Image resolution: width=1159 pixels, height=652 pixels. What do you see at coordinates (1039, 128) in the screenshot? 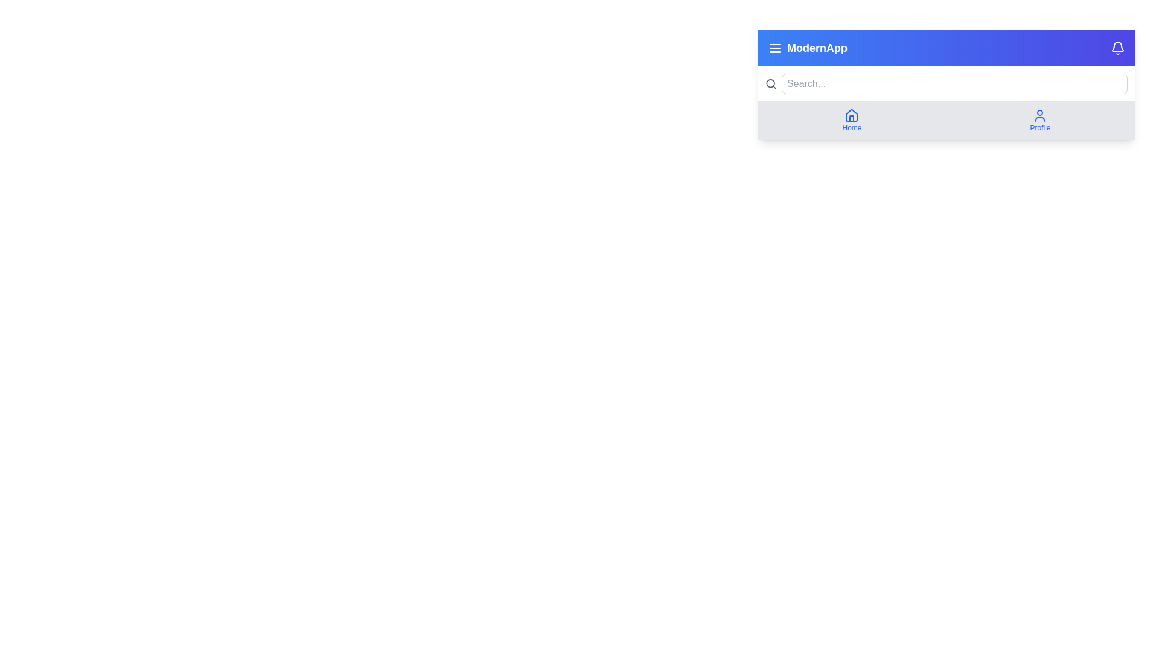
I see `the blue-colored 'Profile' static text label located below the user profile icon in the navigation bar` at bounding box center [1039, 128].